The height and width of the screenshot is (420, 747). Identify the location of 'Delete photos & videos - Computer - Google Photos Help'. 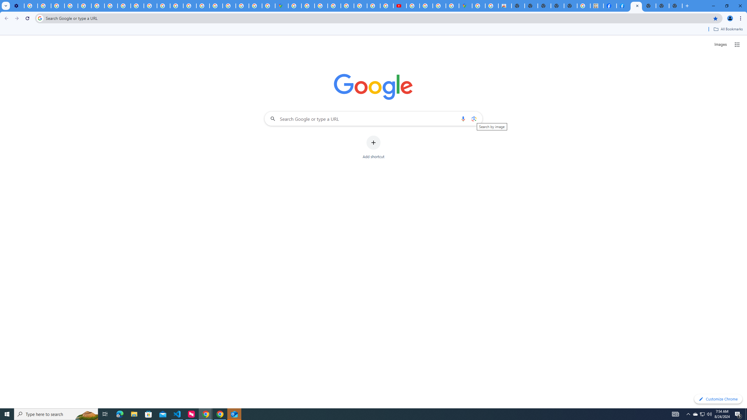
(31, 6).